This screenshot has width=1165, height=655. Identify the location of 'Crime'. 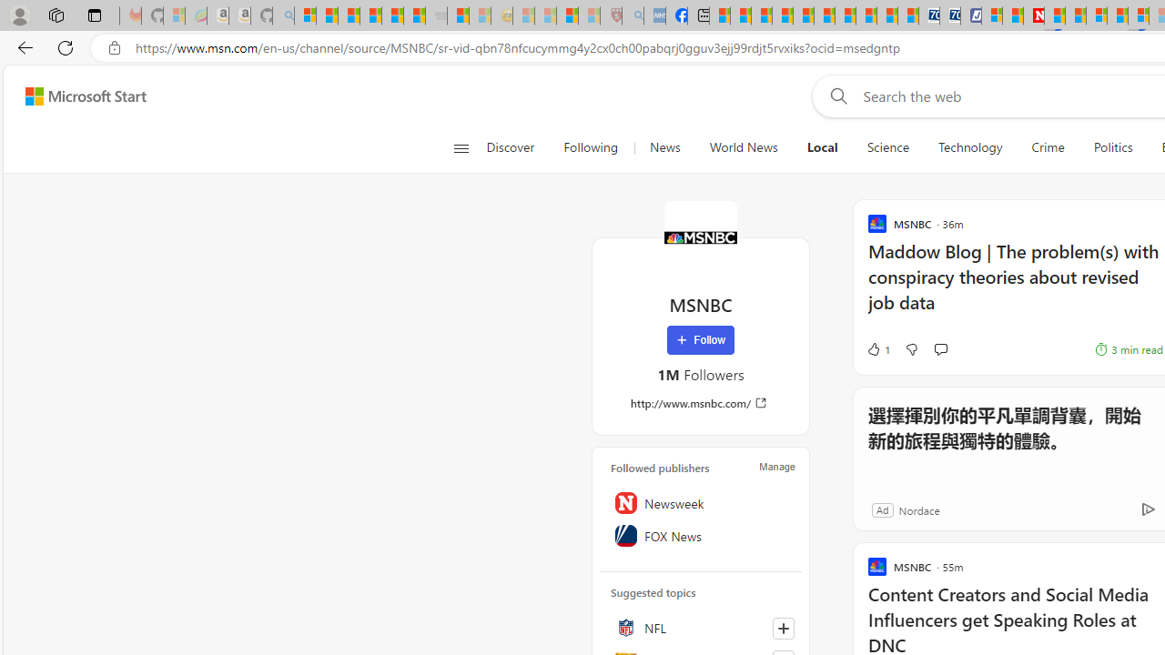
(1048, 147).